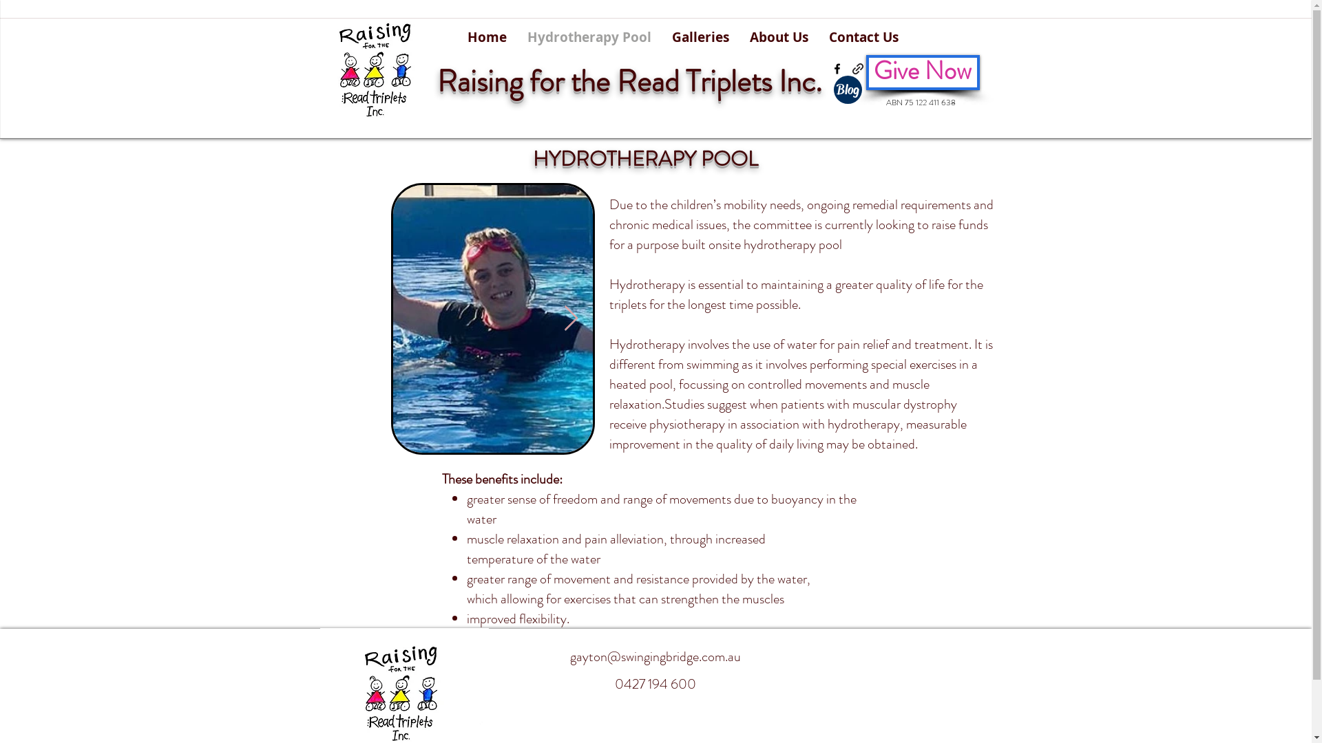 This screenshot has width=1322, height=743. What do you see at coordinates (923, 72) in the screenshot?
I see `'Give Now'` at bounding box center [923, 72].